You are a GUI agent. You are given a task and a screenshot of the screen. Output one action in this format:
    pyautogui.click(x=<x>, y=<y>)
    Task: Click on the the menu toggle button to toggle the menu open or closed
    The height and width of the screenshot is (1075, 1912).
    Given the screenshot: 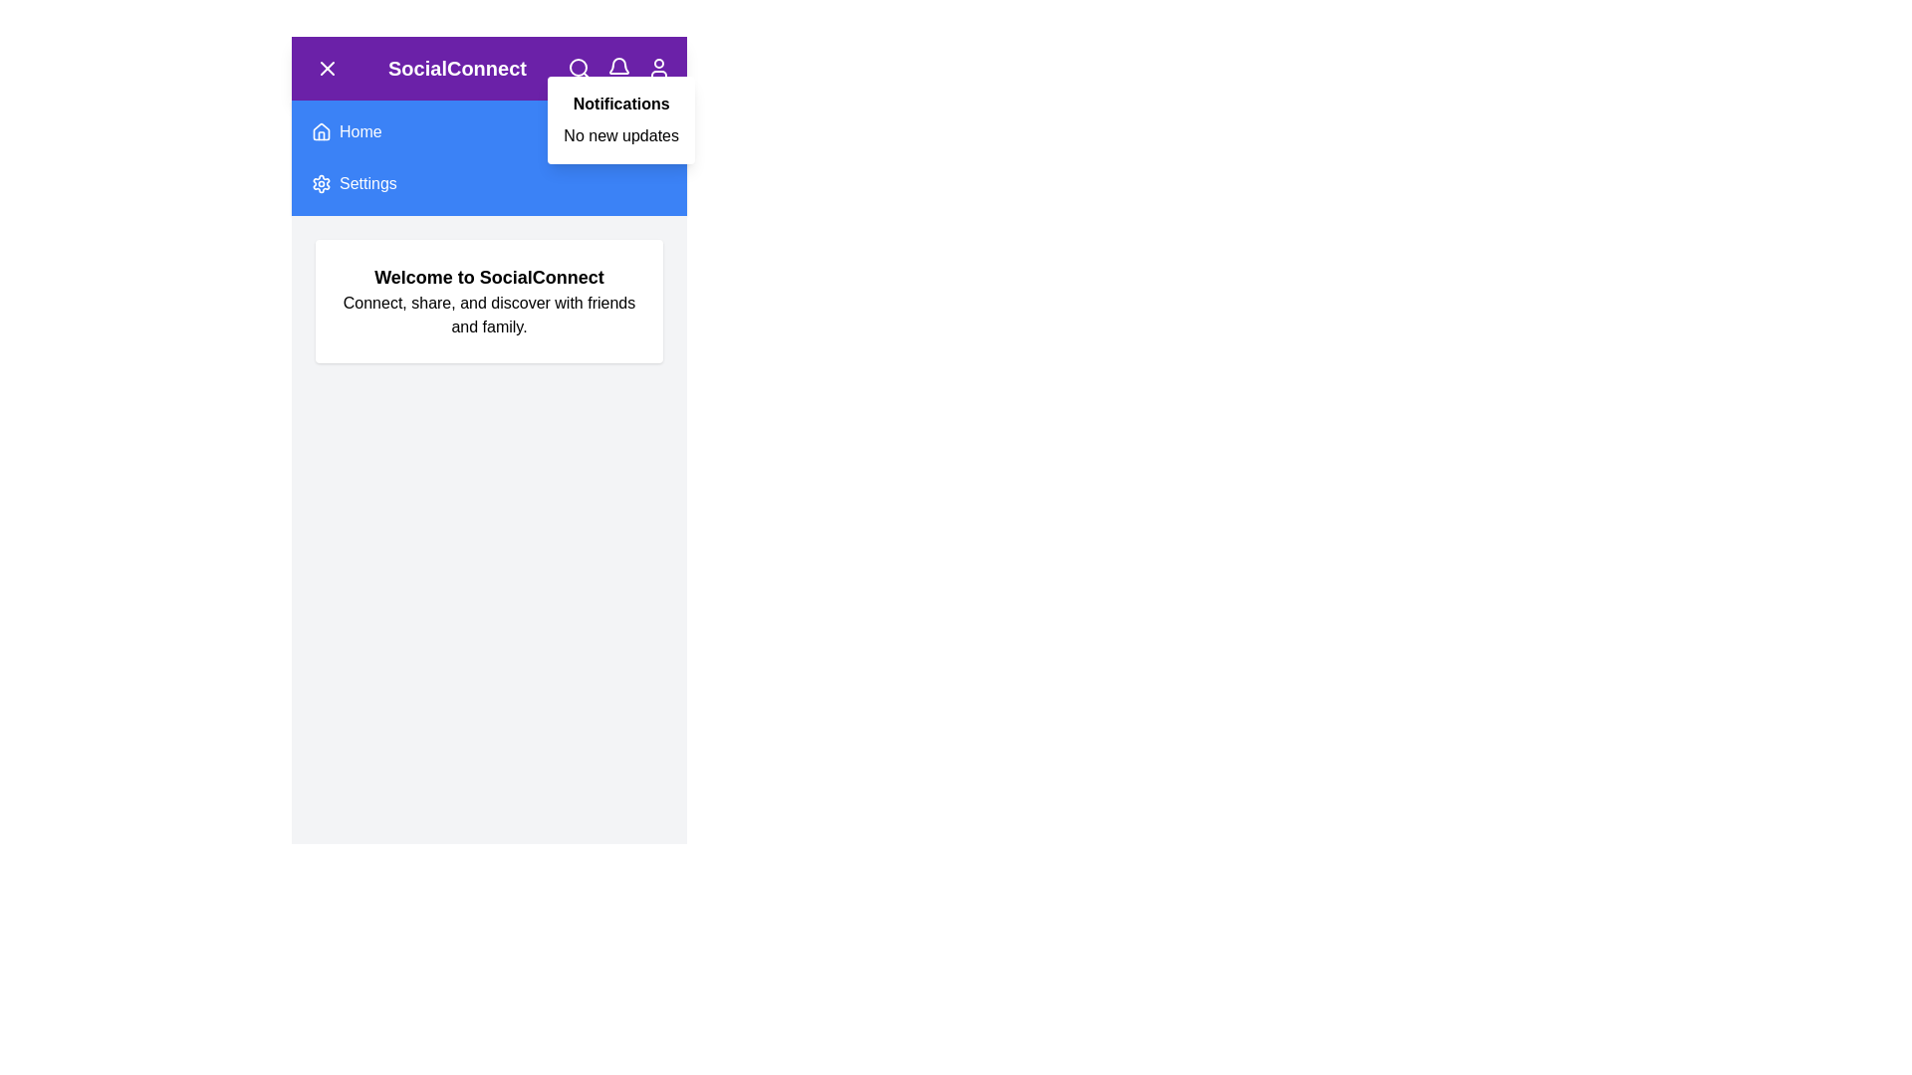 What is the action you would take?
    pyautogui.click(x=328, y=68)
    